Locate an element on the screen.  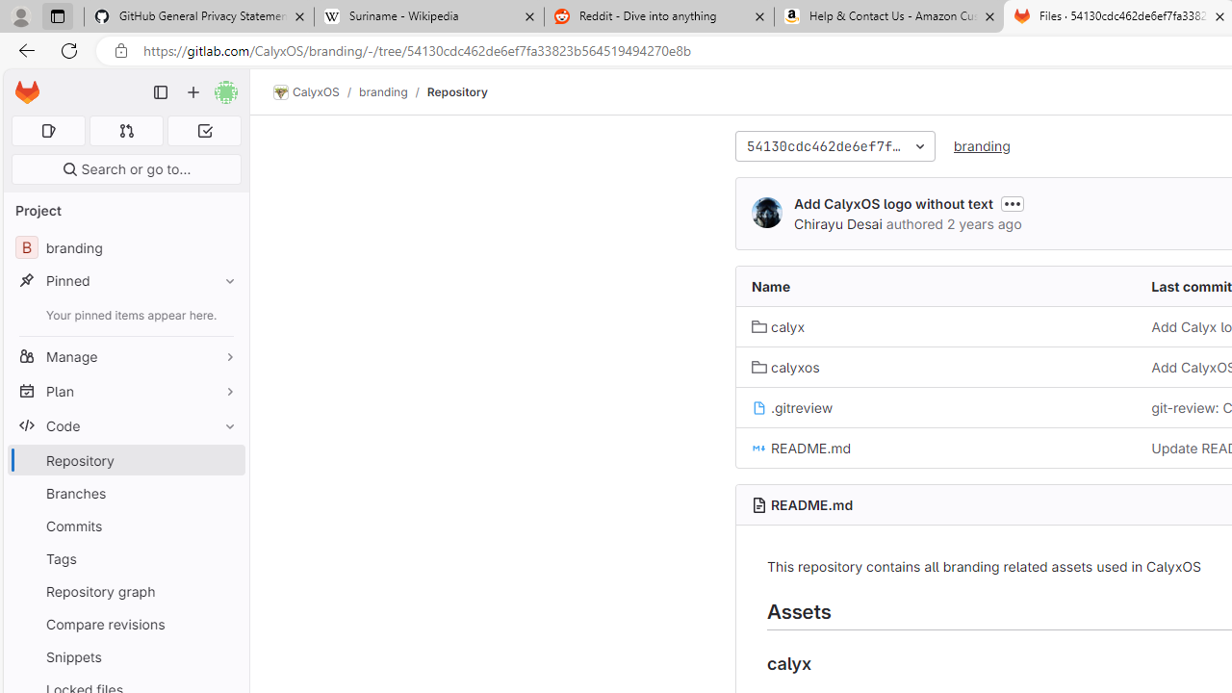
'Compare revisions' is located at coordinates (125, 624).